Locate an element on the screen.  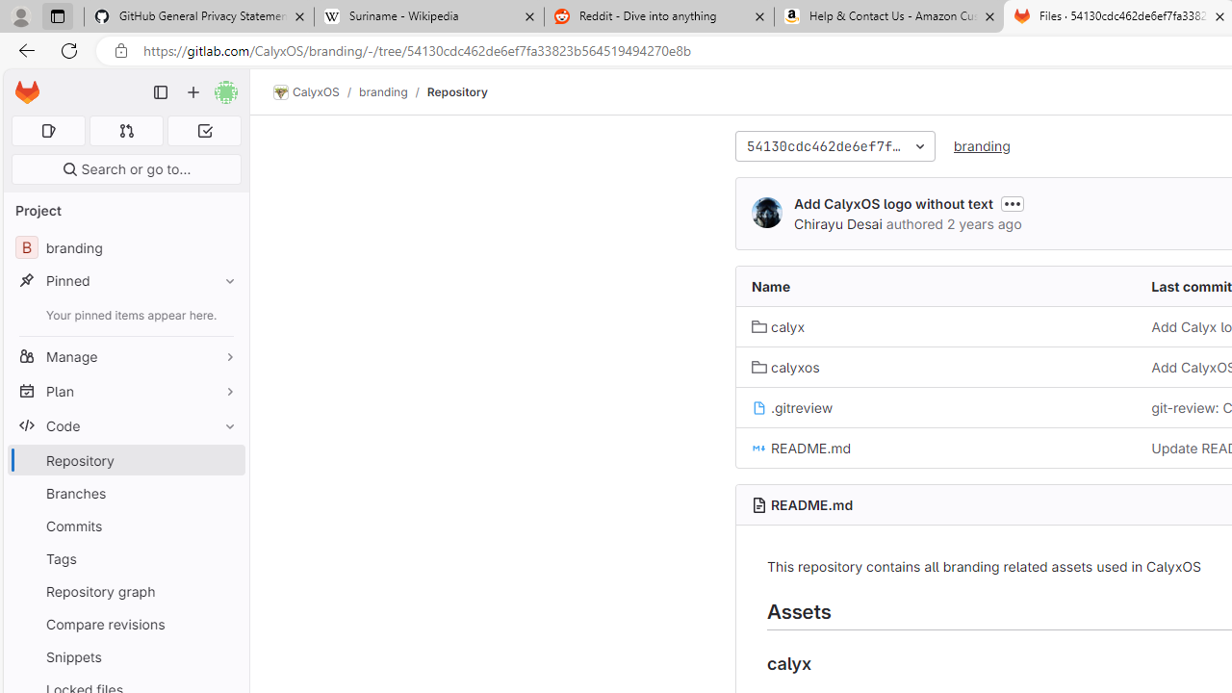
'Compare revisions' is located at coordinates (125, 624).